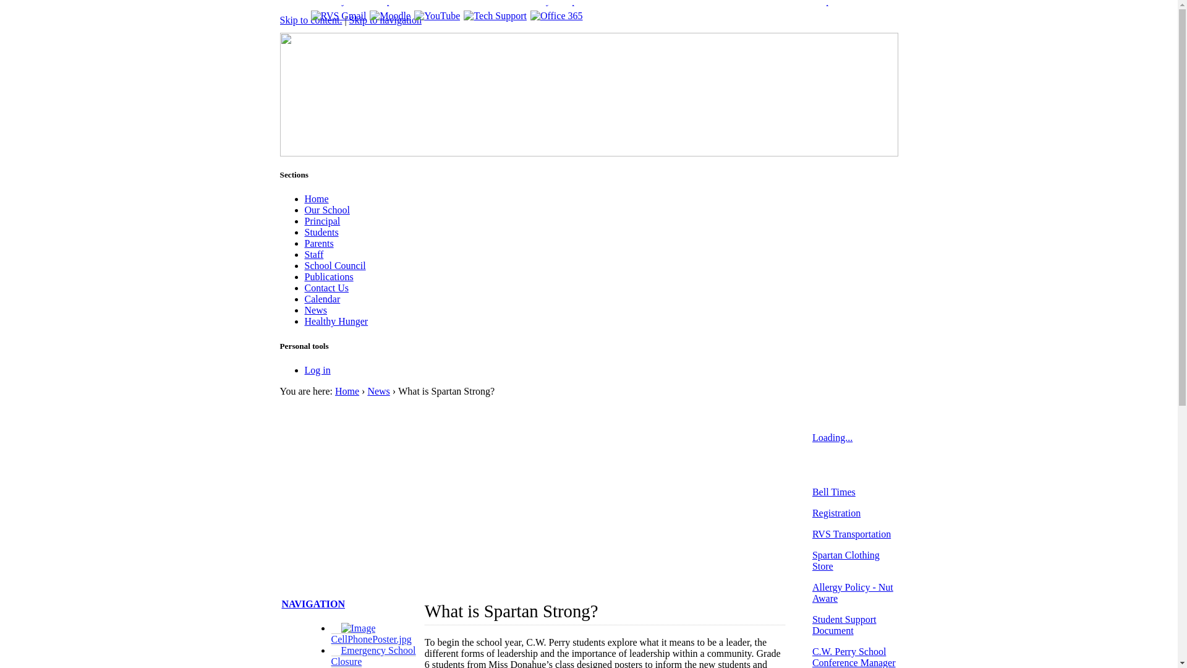 The width and height of the screenshot is (1187, 668). Describe the element at coordinates (328, 276) in the screenshot. I see `'Publications'` at that location.